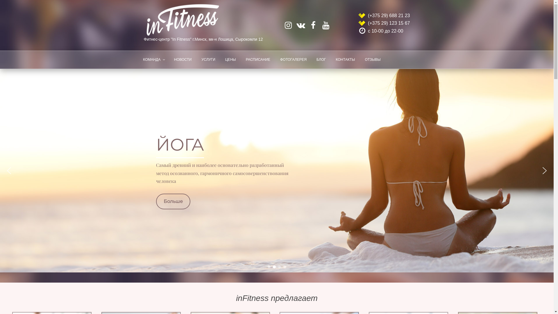 Image resolution: width=558 pixels, height=314 pixels. I want to click on 'instagram.com/infitnessby', so click(282, 25).